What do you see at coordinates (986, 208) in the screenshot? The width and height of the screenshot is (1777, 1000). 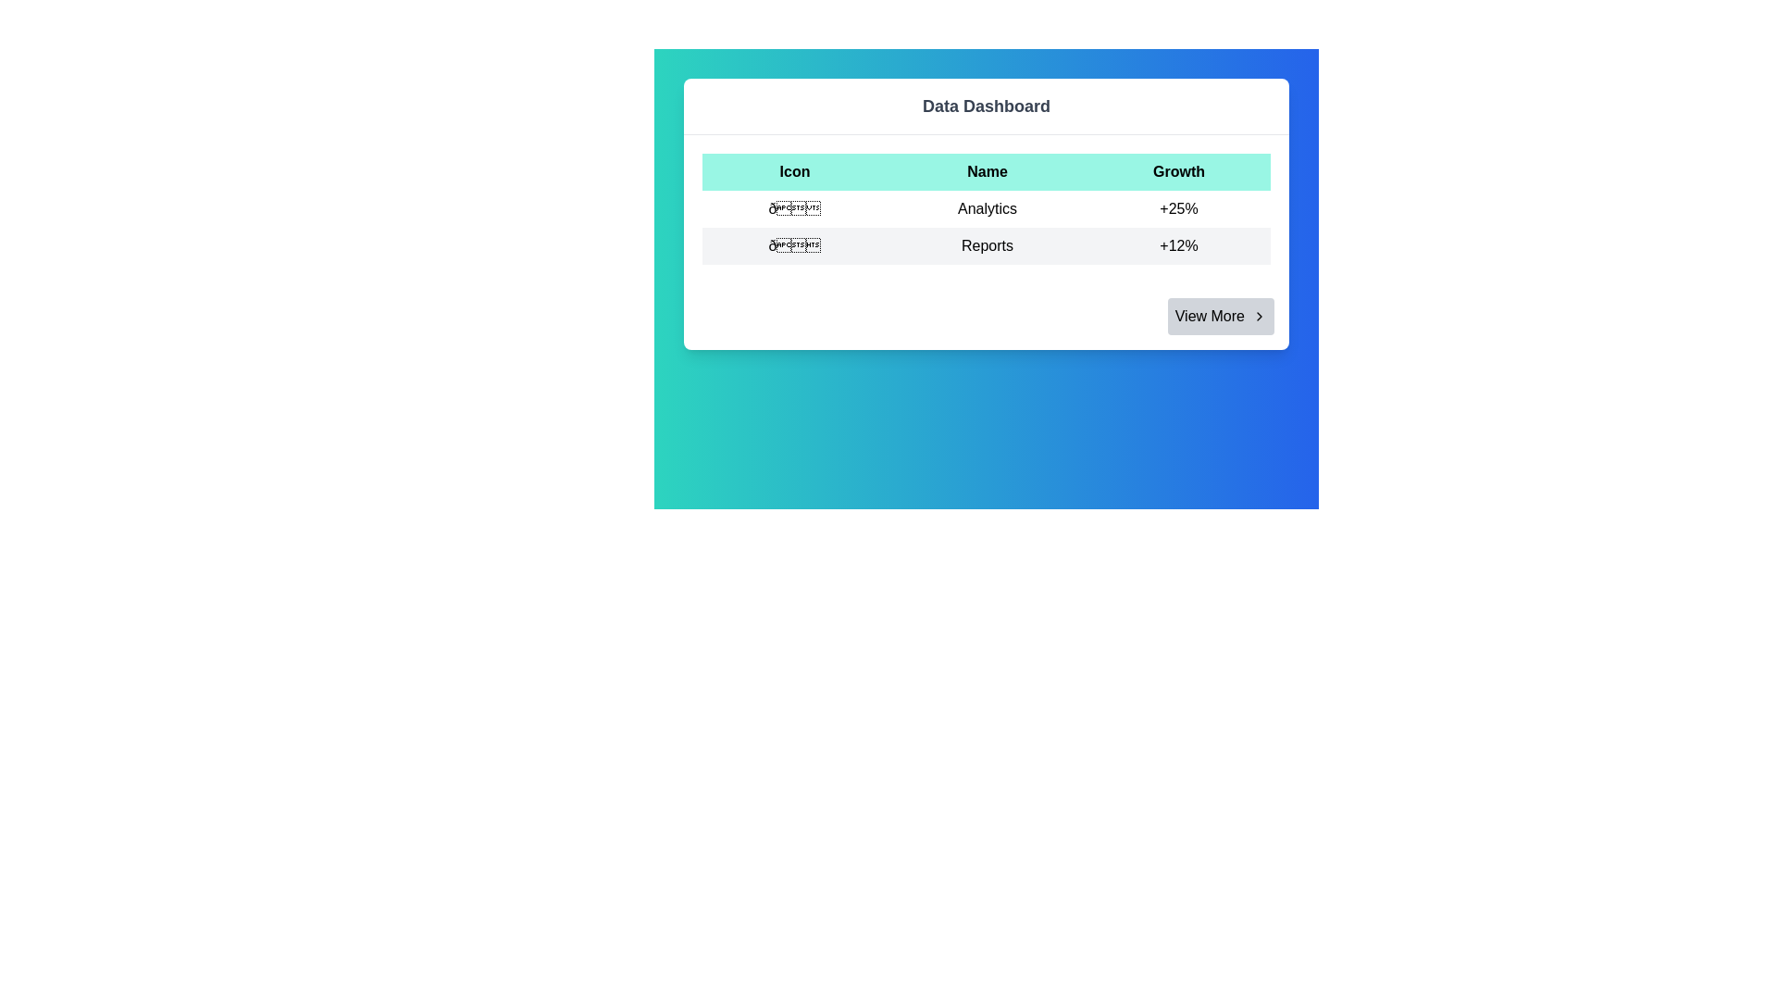 I see `the 'Analytics' text label in the second row under the 'Name' column of the Data Dashboard, which is adjacent to the analytics icon and the text '+25%'` at bounding box center [986, 208].